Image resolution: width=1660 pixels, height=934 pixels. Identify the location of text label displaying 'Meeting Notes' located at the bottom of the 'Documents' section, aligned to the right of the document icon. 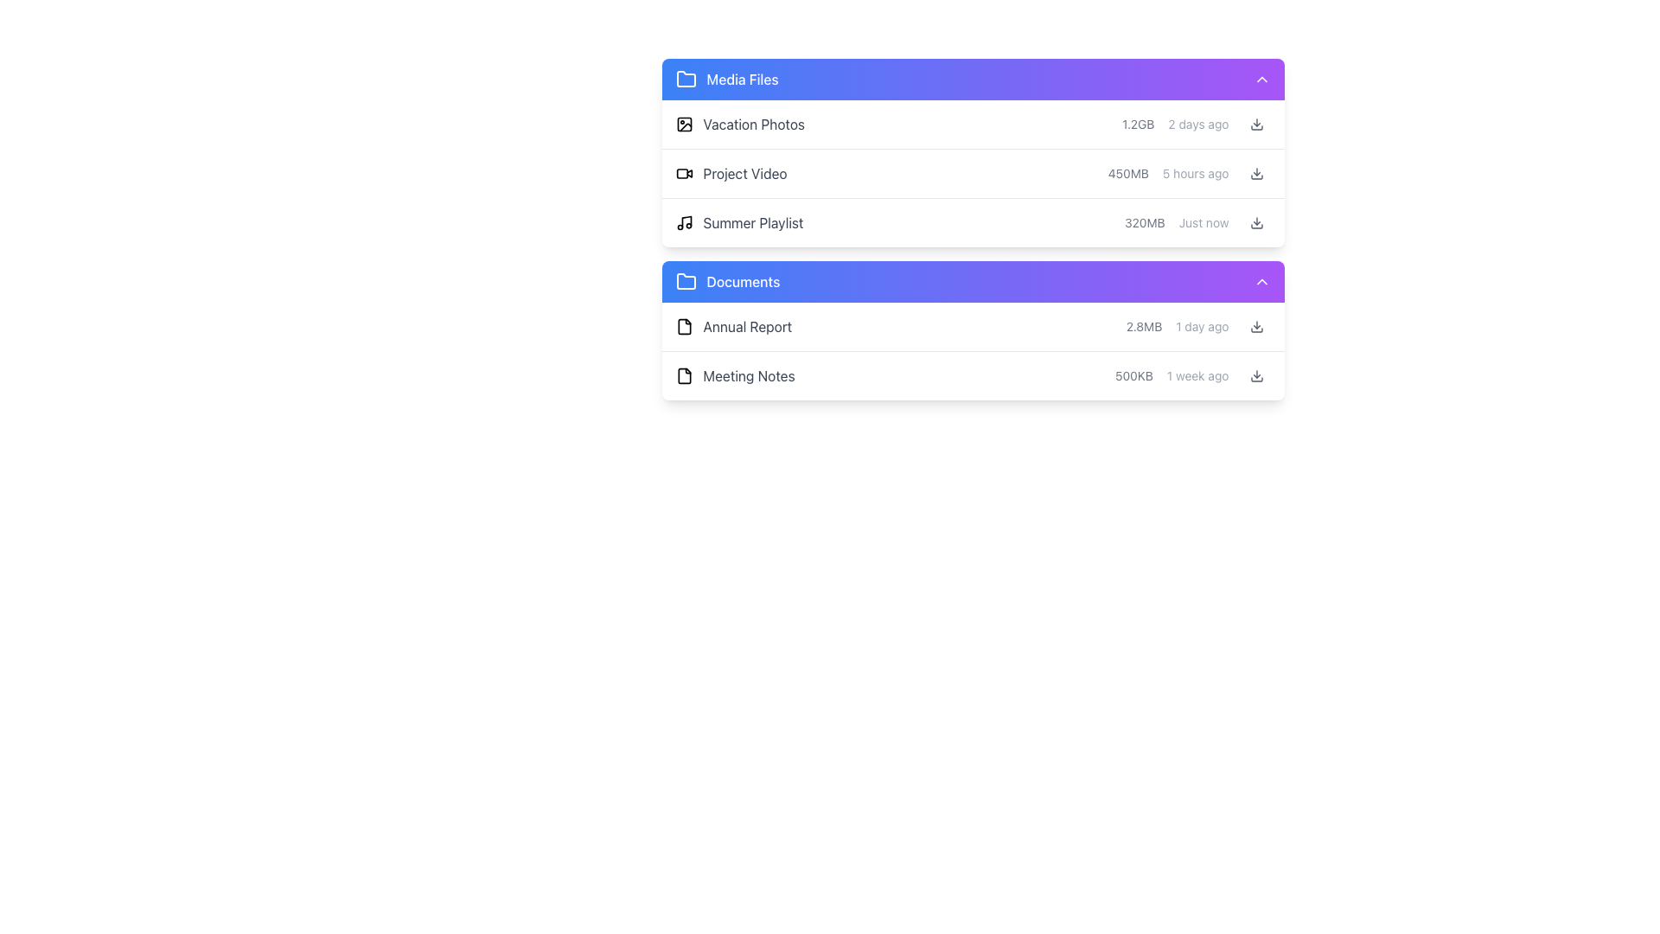
(749, 375).